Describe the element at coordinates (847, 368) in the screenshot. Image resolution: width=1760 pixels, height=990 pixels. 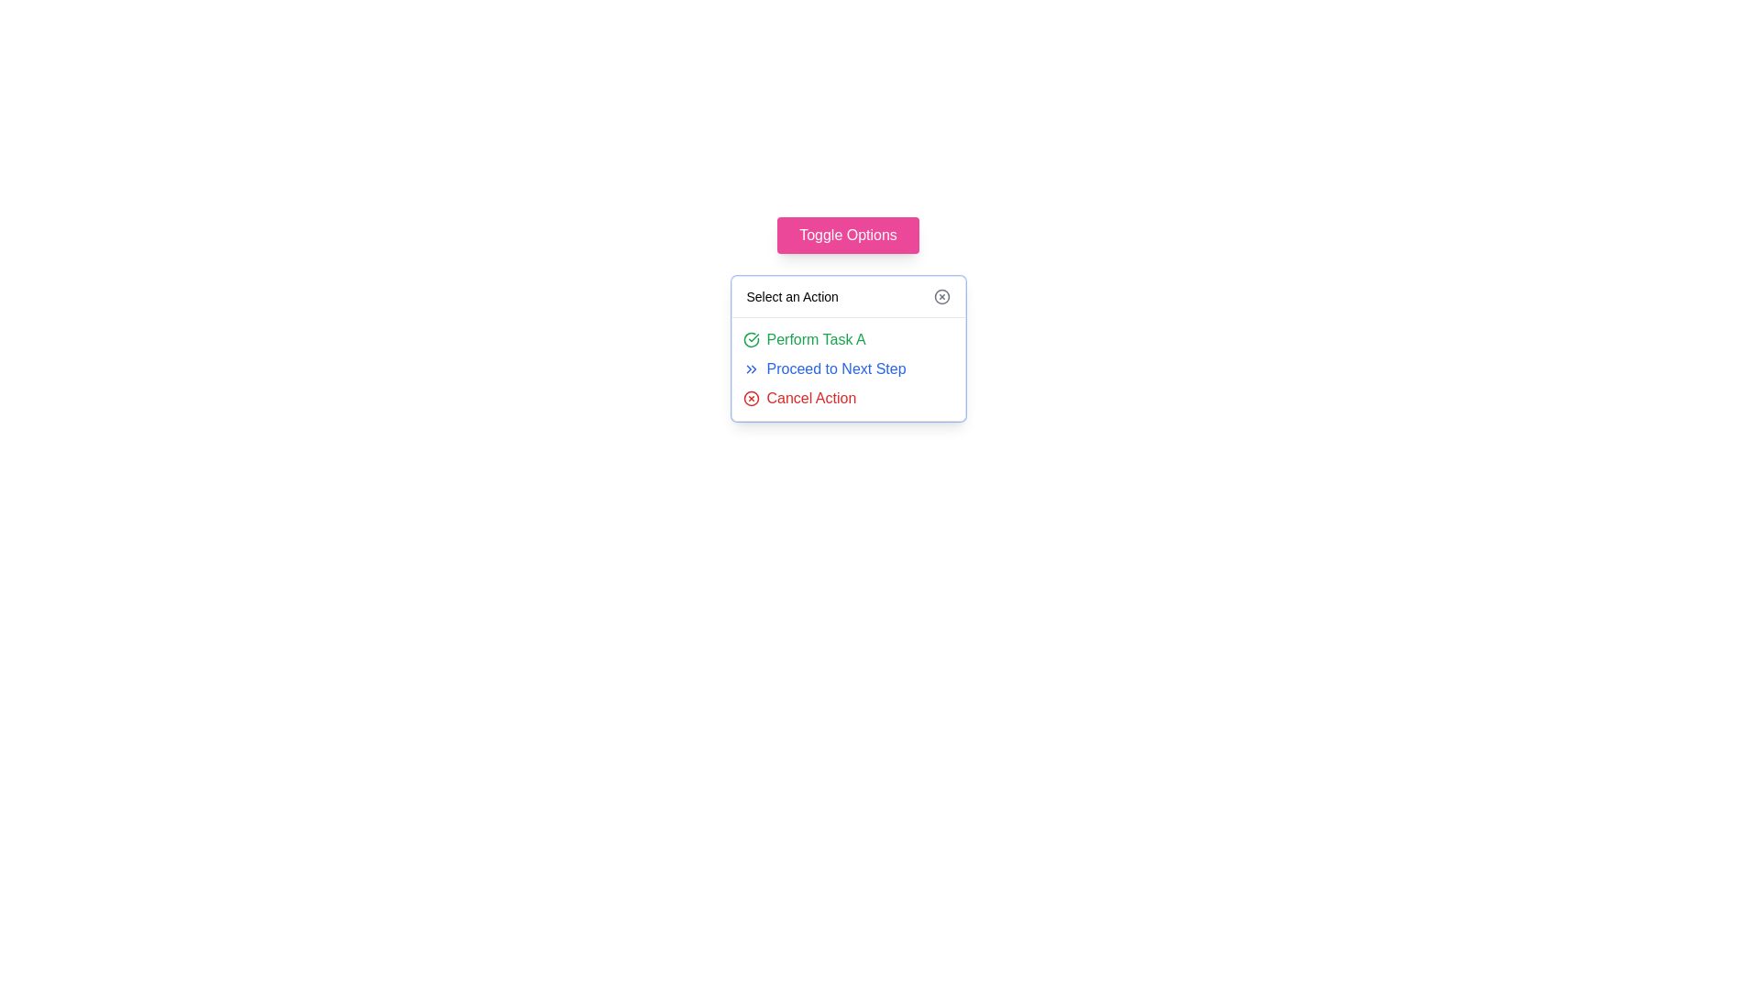
I see `the middle hyperlink with an embedded icon in the vertical list to potentially reveal a tooltip or underline effect` at that location.